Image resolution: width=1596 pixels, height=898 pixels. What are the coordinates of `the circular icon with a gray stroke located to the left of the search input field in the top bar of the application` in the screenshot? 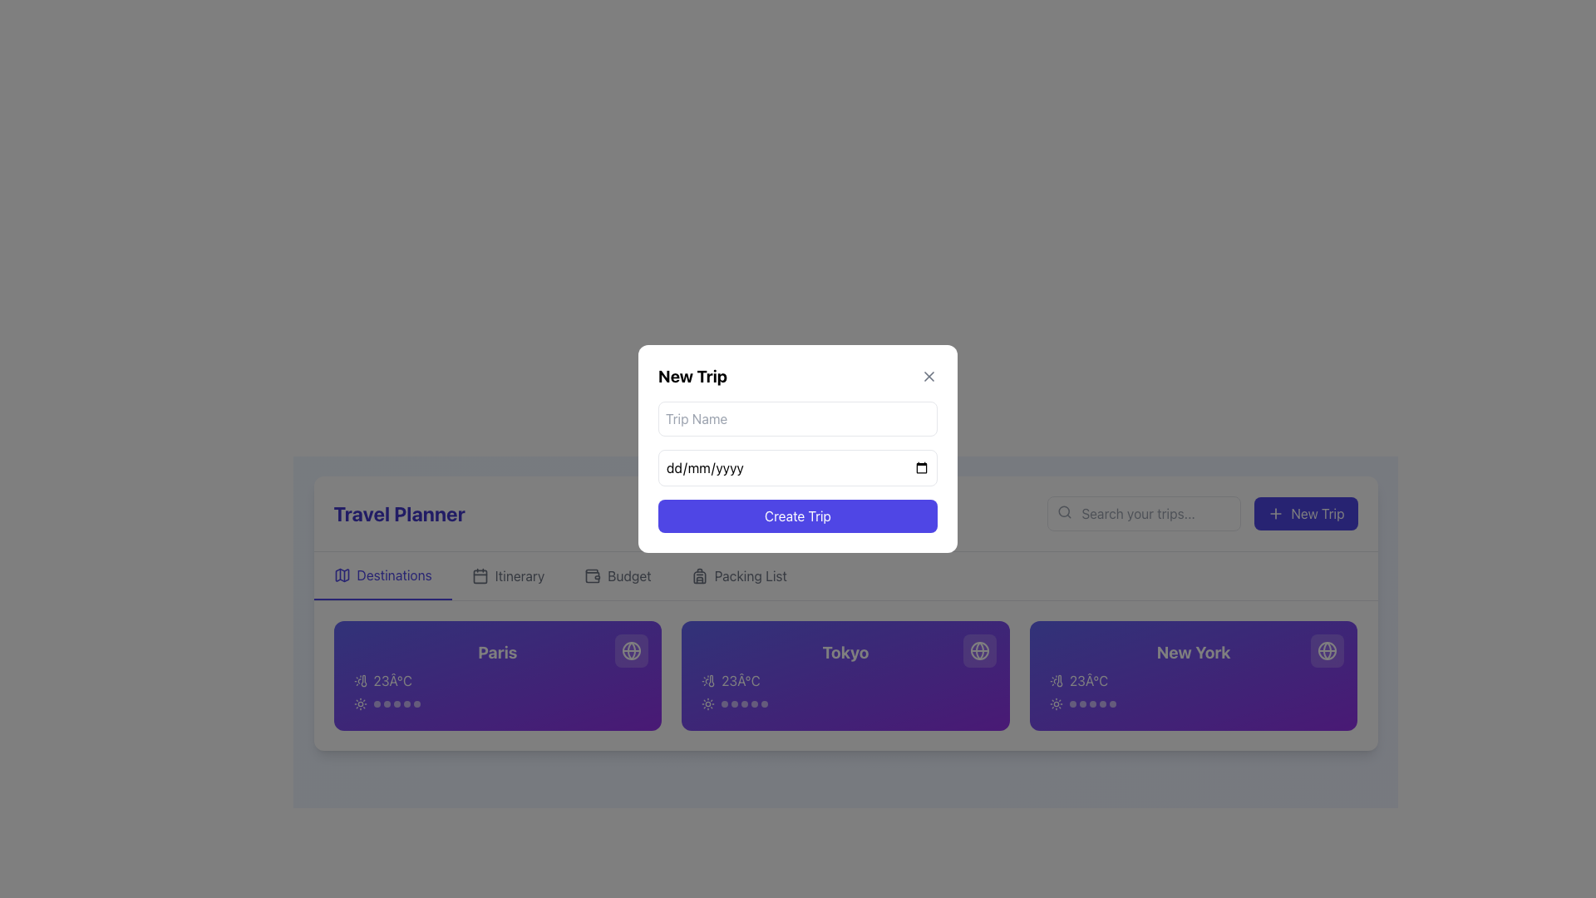 It's located at (1064, 511).